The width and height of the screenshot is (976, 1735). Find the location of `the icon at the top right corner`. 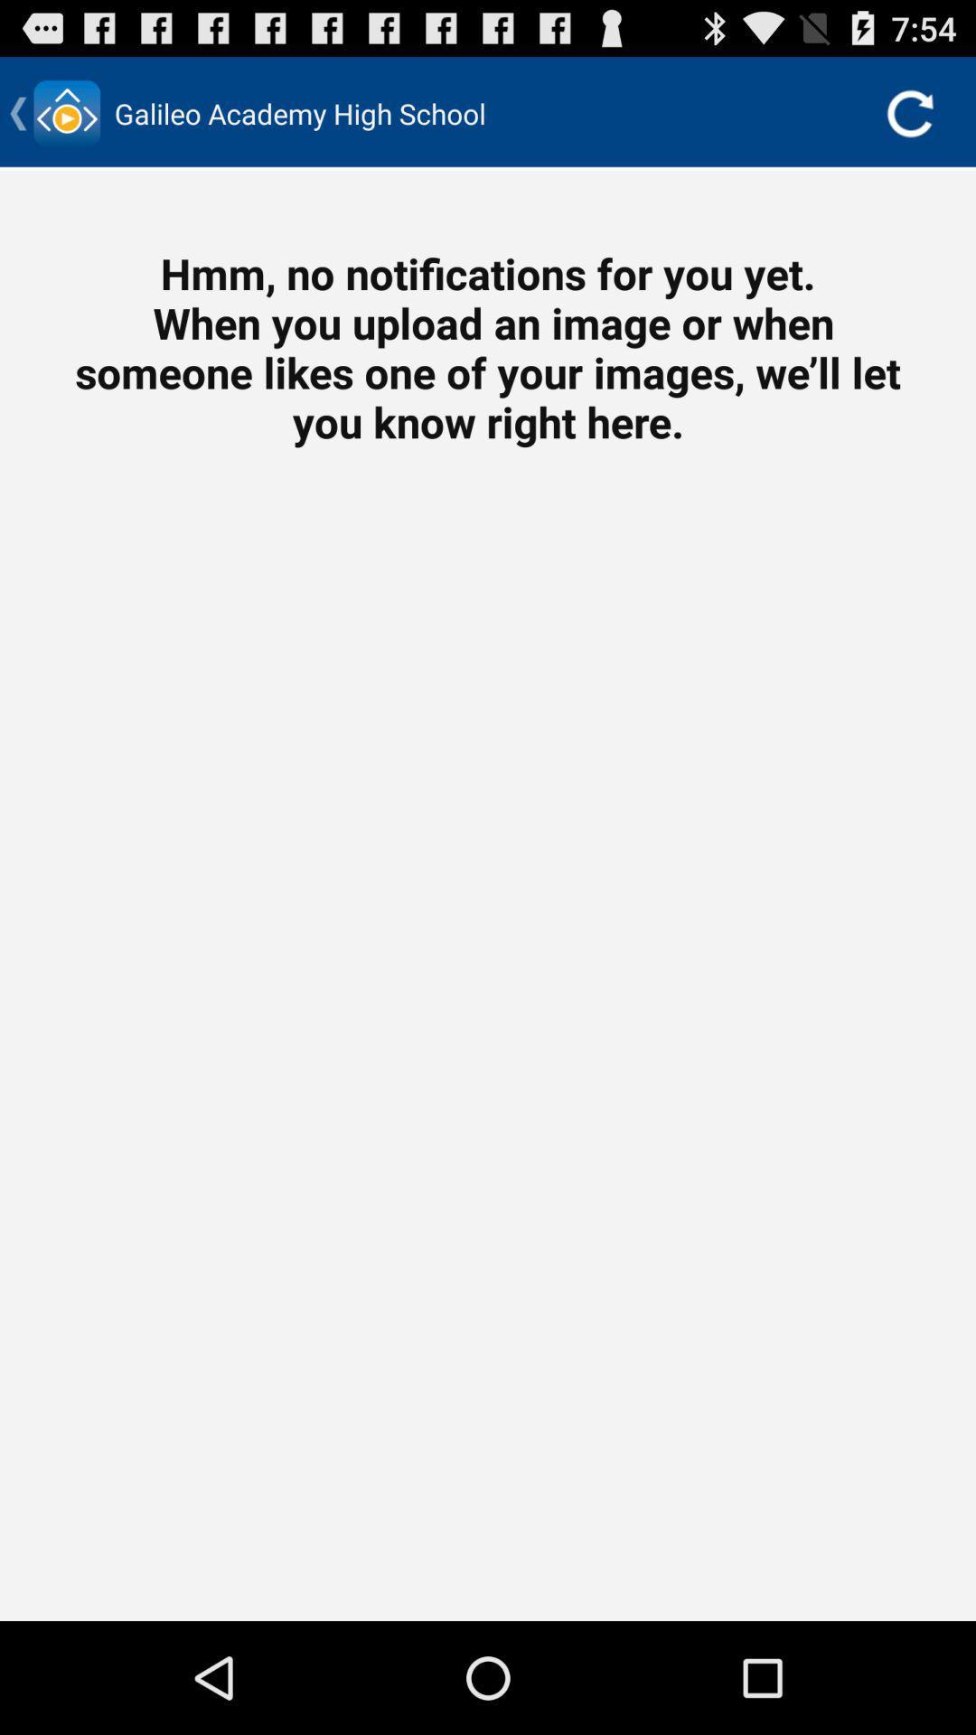

the icon at the top right corner is located at coordinates (909, 112).